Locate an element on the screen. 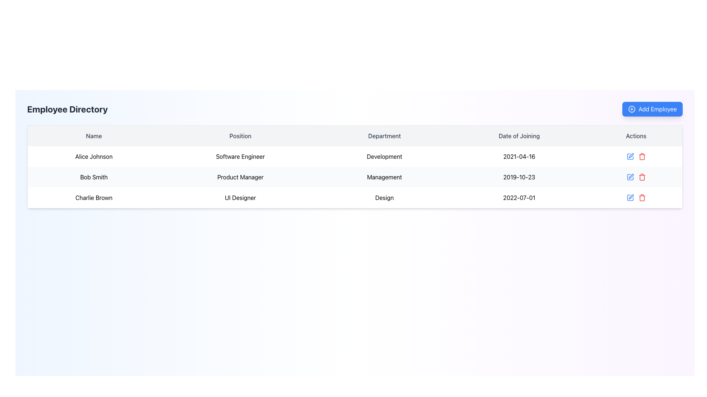 The width and height of the screenshot is (707, 397). the 'Actions' column header in the table, which is the fifth column header positioned to the right of the 'Date of Joining' column is located at coordinates (636, 136).